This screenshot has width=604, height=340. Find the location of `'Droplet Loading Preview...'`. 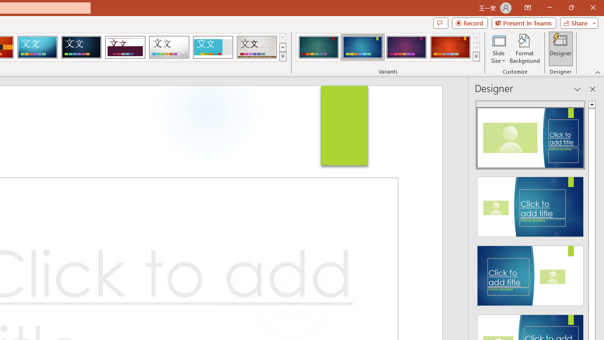

'Droplet Loading Preview...' is located at coordinates (169, 47).